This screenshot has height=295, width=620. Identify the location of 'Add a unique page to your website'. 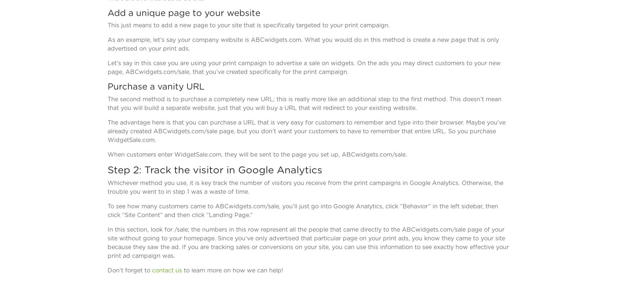
(107, 13).